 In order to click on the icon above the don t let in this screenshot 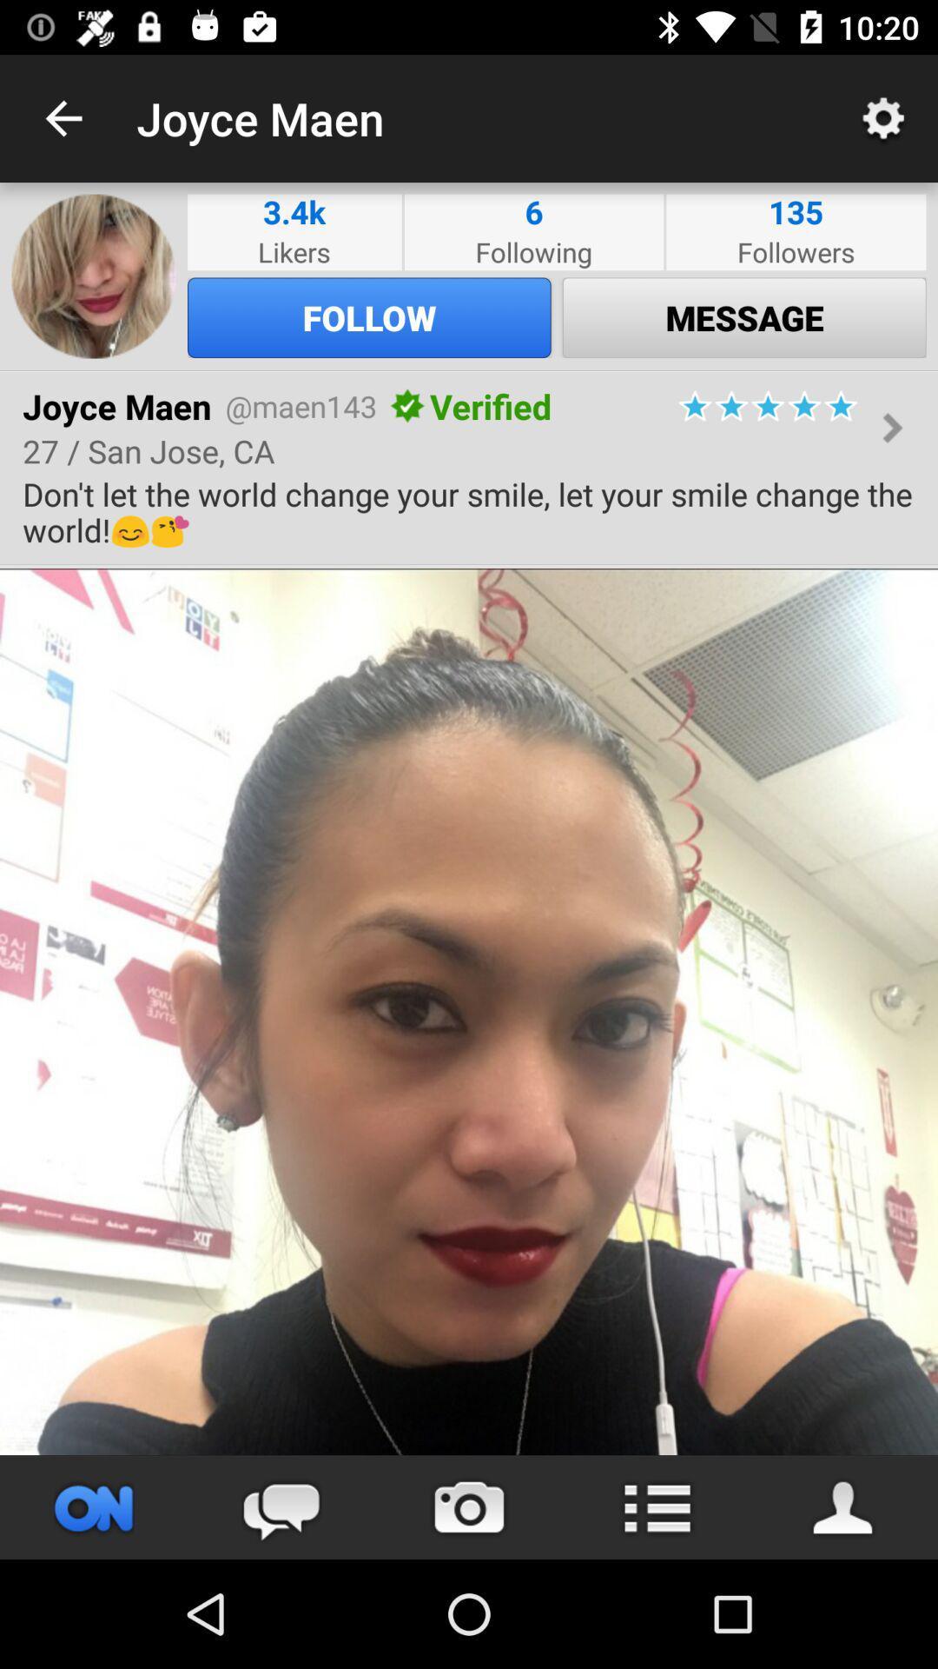, I will do `click(767, 405)`.